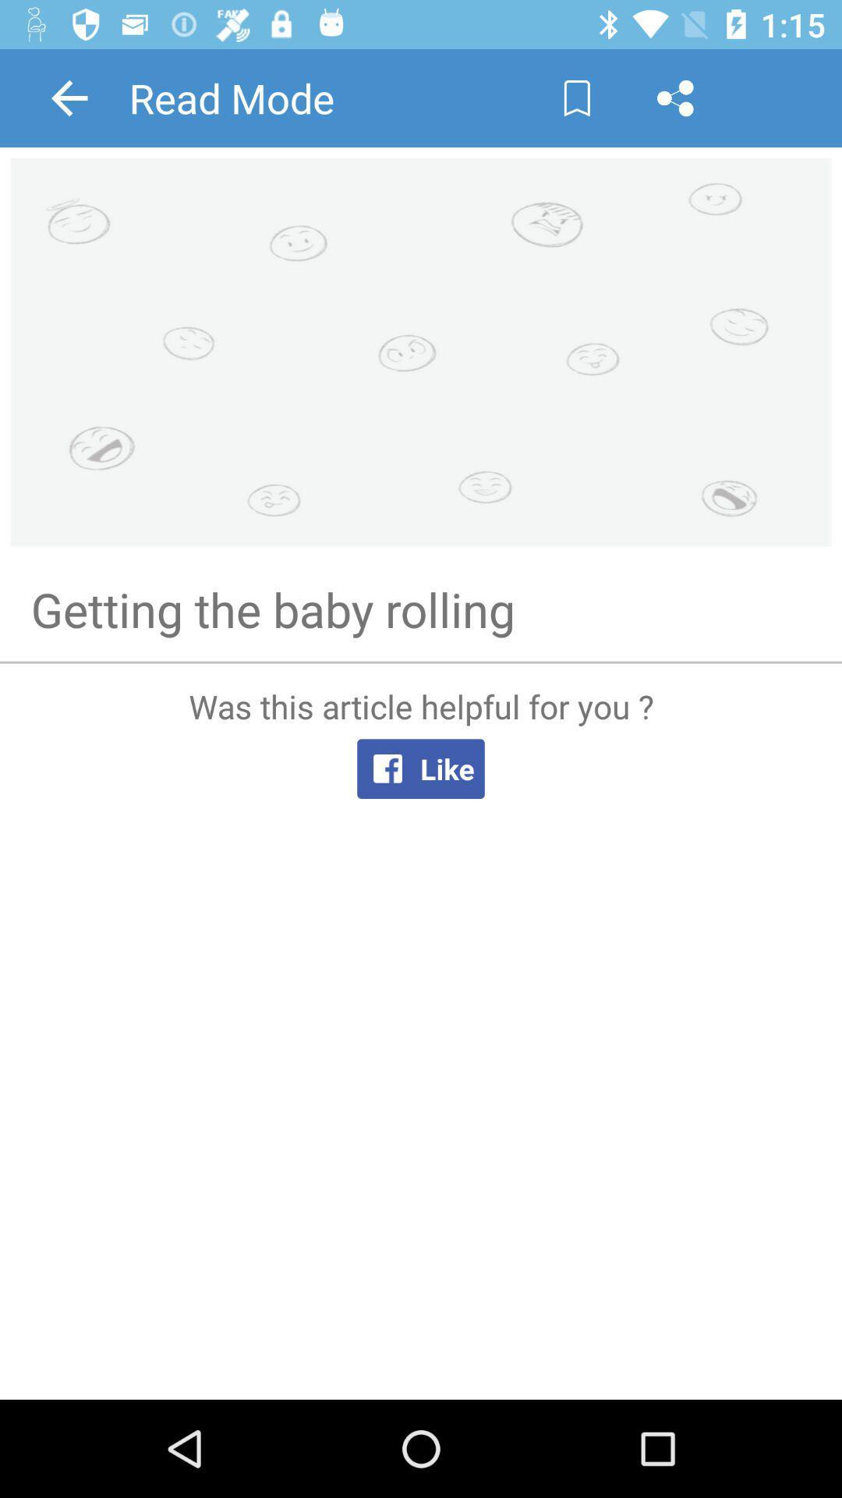  What do you see at coordinates (577, 97) in the screenshot?
I see `bookmark` at bounding box center [577, 97].